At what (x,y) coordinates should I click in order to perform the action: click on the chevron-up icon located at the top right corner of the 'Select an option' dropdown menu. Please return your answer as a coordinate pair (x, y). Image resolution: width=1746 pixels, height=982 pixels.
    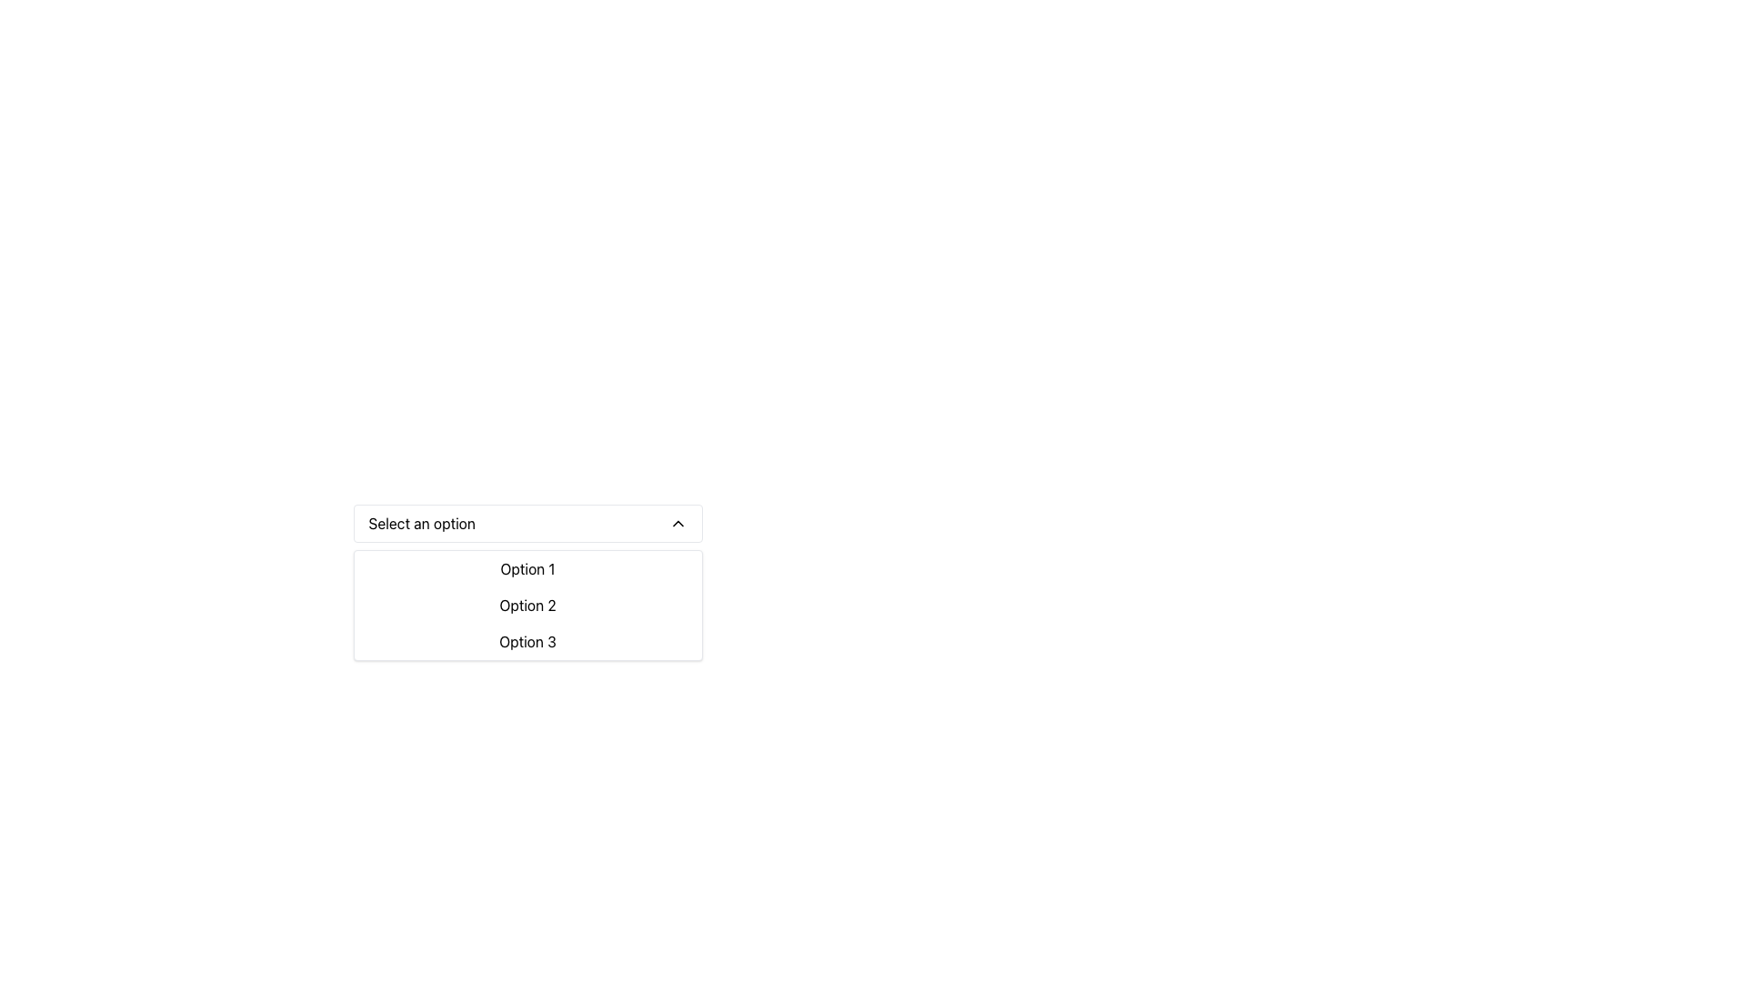
    Looking at the image, I should click on (677, 523).